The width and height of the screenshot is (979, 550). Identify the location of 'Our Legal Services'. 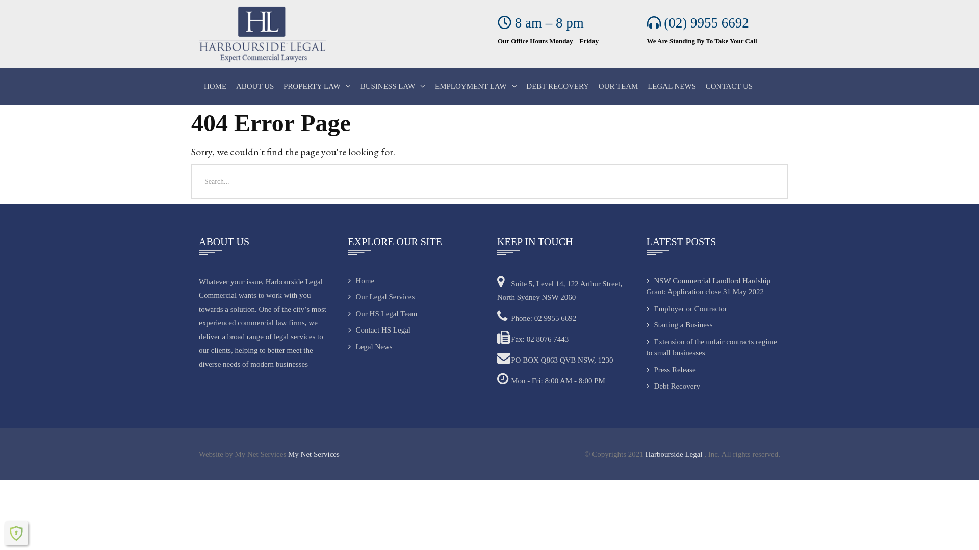
(380, 296).